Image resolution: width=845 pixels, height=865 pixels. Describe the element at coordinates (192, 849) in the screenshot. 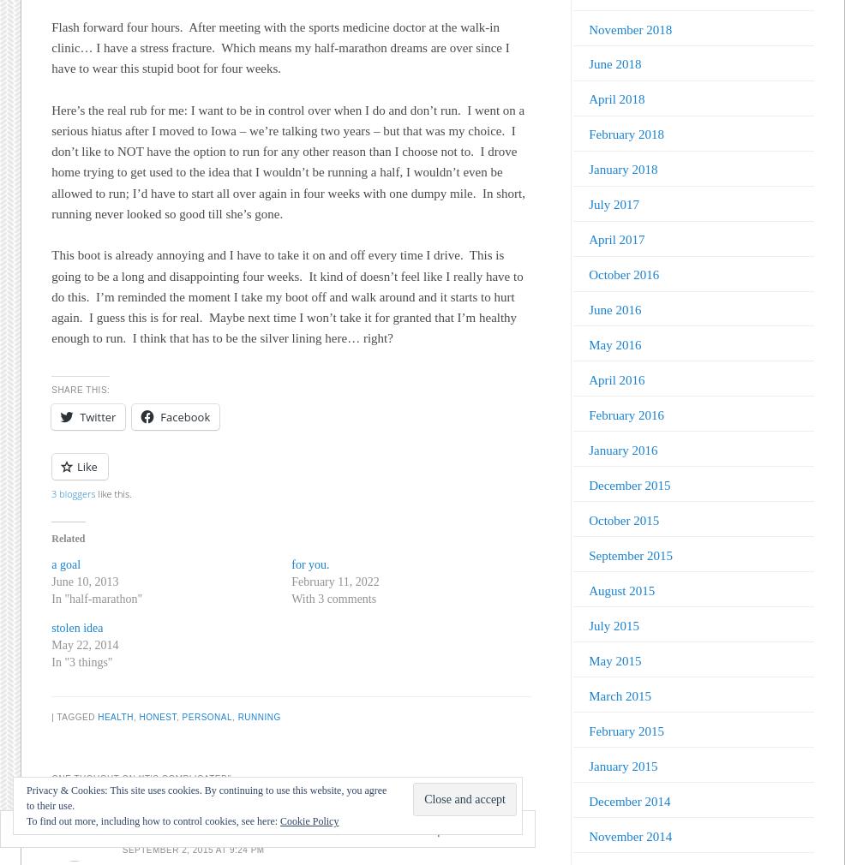

I see `'September 2, 2015 at 9:24 pm'` at that location.